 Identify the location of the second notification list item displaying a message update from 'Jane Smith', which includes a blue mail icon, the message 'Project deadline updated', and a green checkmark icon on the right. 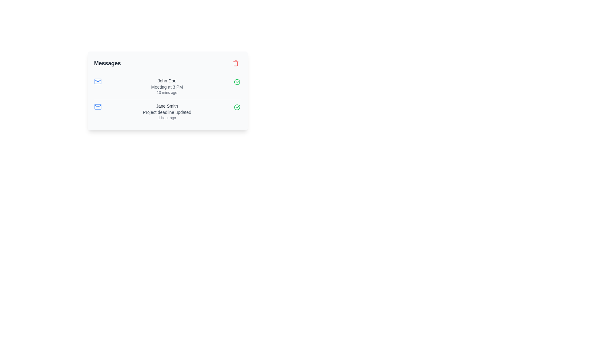
(168, 111).